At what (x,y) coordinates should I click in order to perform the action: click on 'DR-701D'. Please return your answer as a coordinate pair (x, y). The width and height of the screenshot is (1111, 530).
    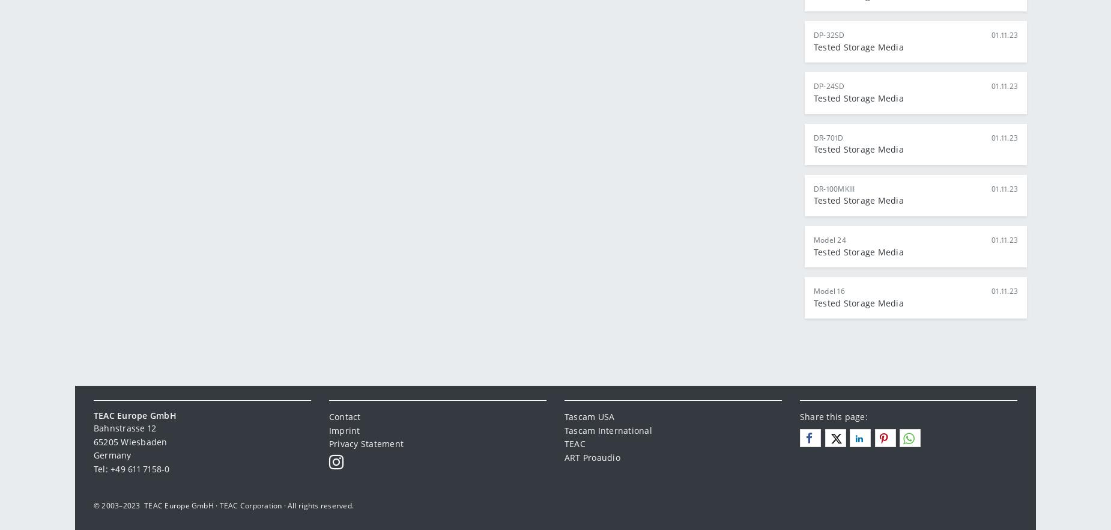
    Looking at the image, I should click on (828, 136).